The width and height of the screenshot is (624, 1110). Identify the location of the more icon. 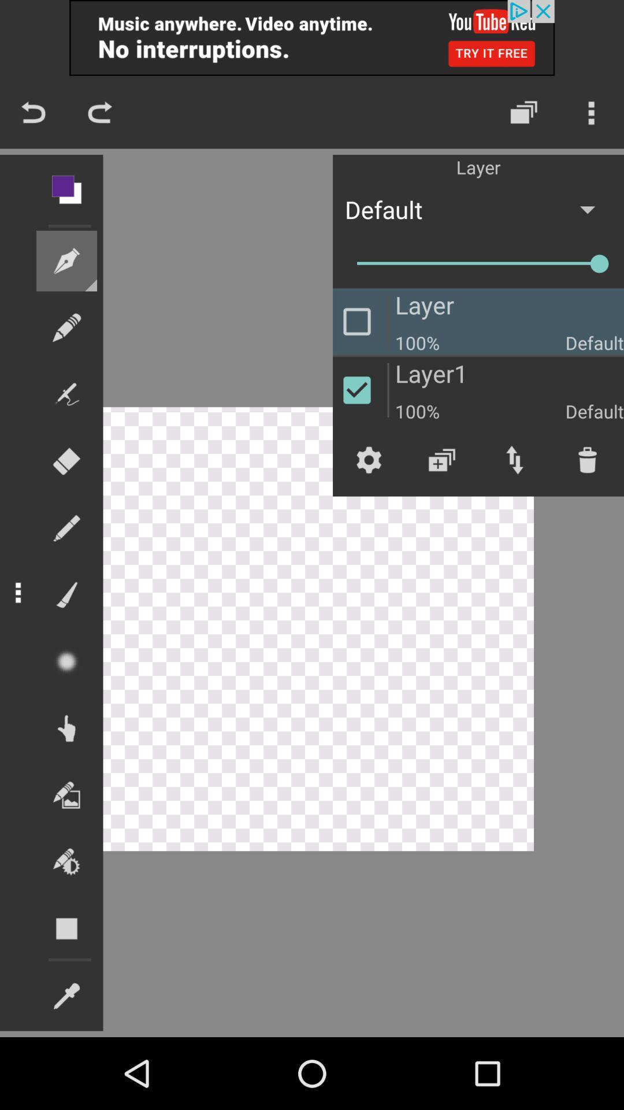
(590, 112).